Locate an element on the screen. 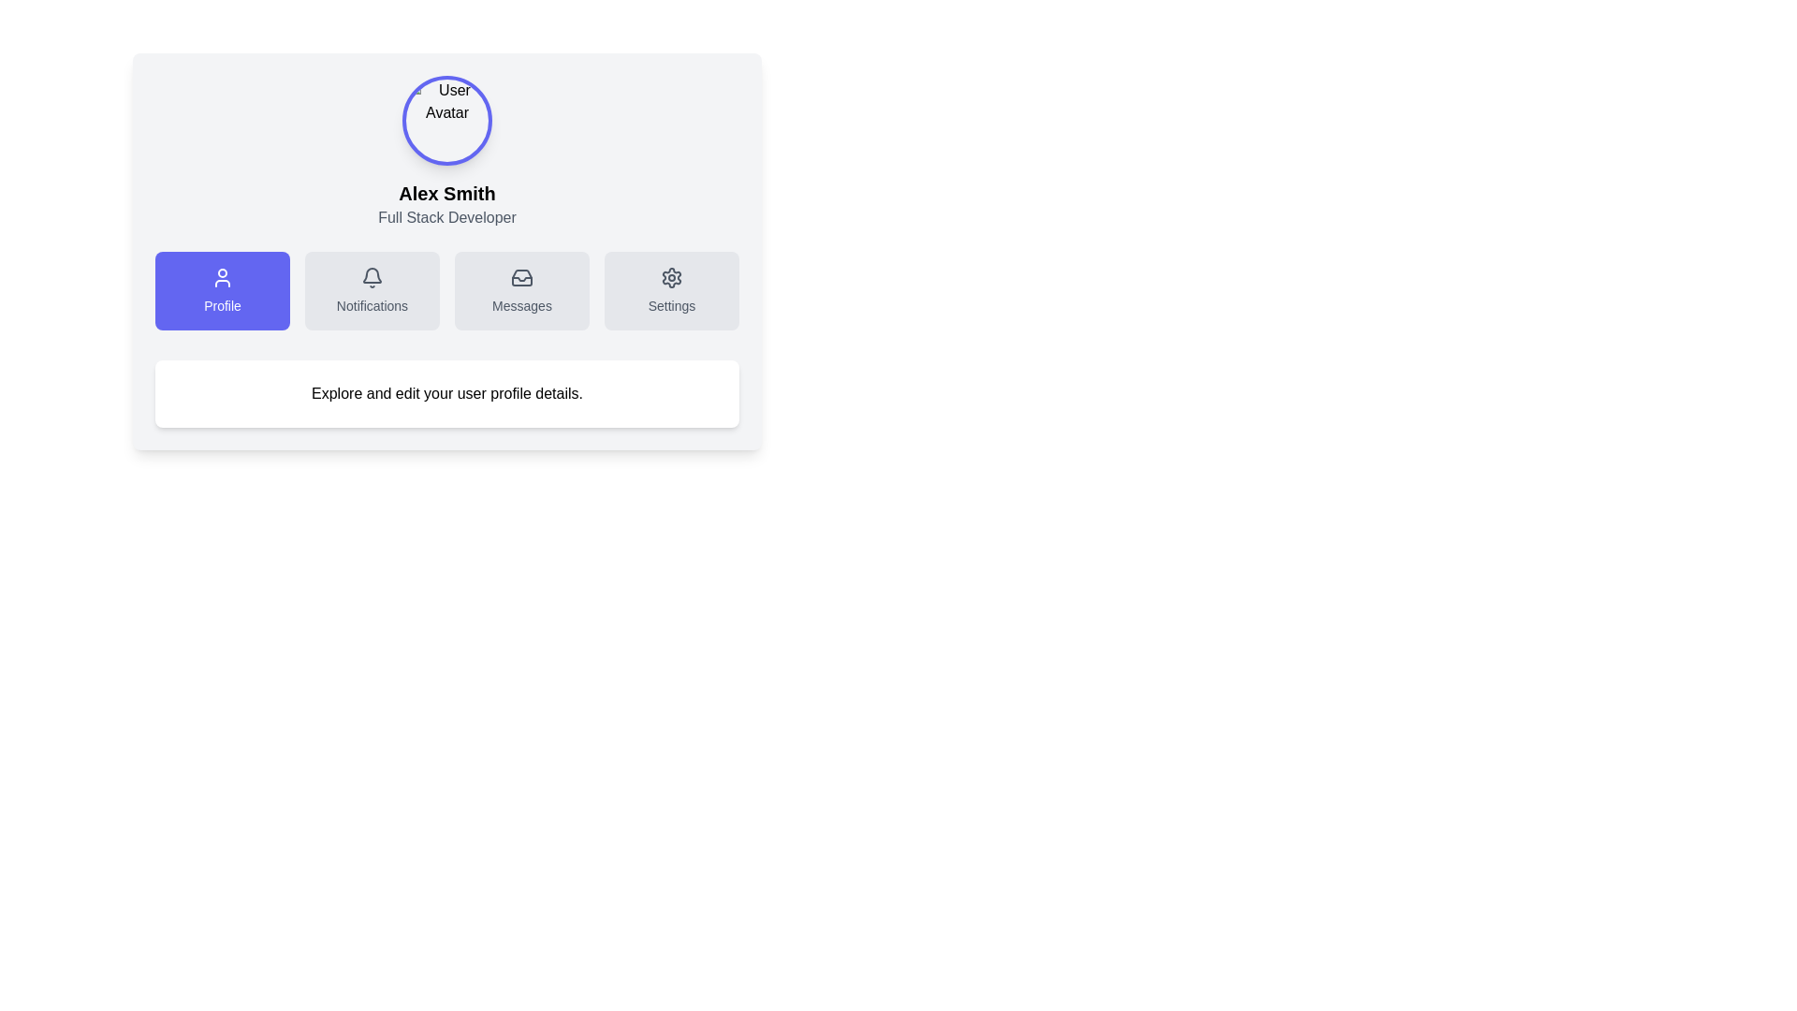  the Messages icon, which is part of the navigation section of the webpage, styled with a dark gray stroke and no fill is located at coordinates (521, 278).